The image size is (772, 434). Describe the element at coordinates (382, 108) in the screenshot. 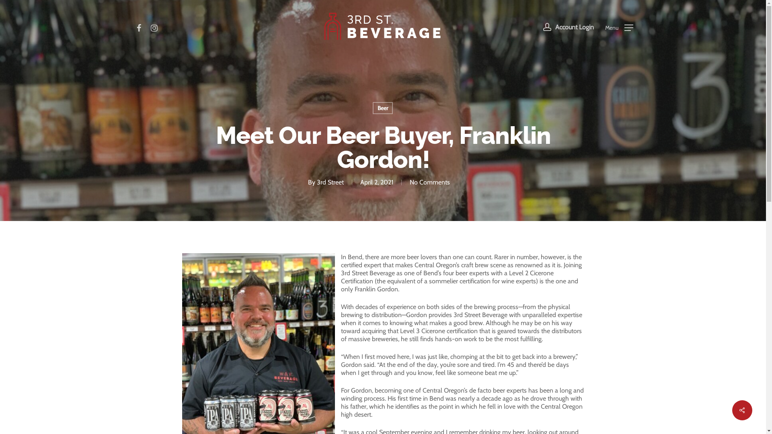

I see `'Beer'` at that location.